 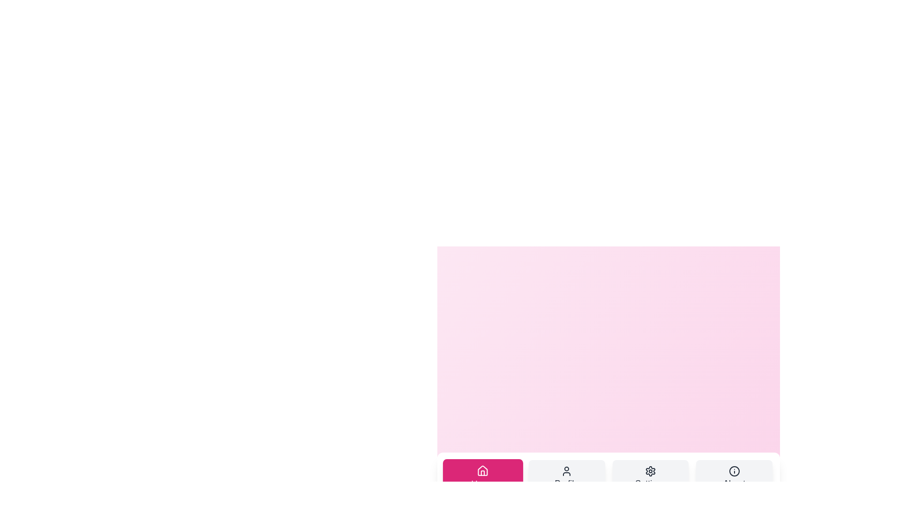 I want to click on the tab labeled Profile by clicking on it, so click(x=566, y=477).